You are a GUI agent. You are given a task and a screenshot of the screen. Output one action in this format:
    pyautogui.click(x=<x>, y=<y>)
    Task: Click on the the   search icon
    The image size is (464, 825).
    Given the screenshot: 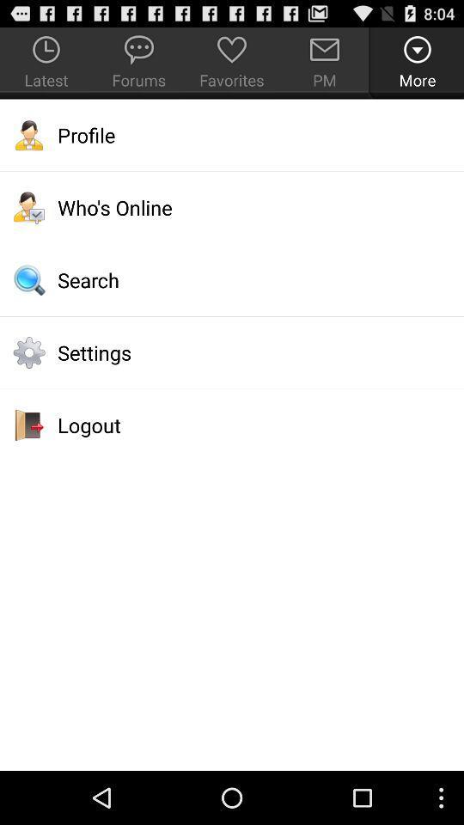 What is the action you would take?
    pyautogui.click(x=232, y=280)
    